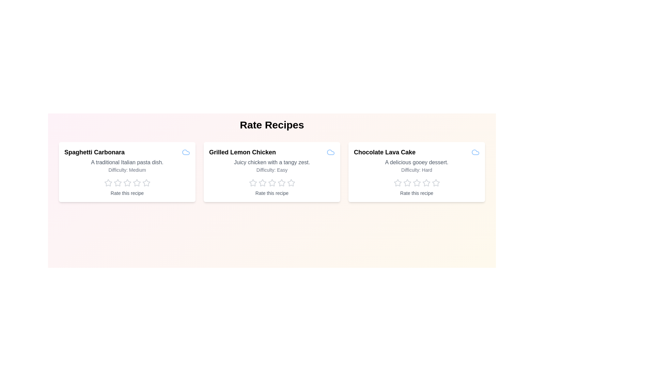 The width and height of the screenshot is (654, 368). Describe the element at coordinates (242, 152) in the screenshot. I see `the title of the recipe Grilled Lemon Chicken to view its information` at that location.